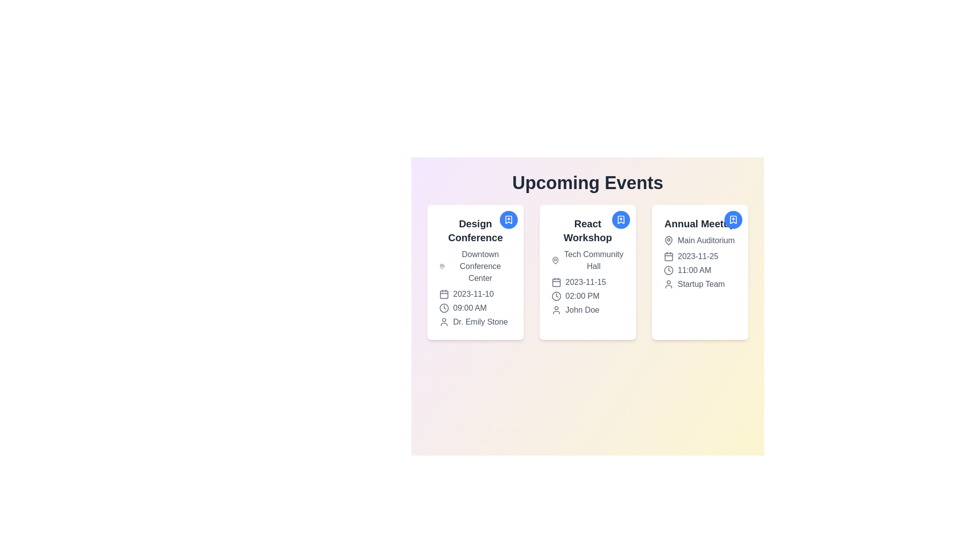 The height and width of the screenshot is (536, 954). Describe the element at coordinates (733, 219) in the screenshot. I see `the bookmark button located in the top-right corner of the third event card titled 'Annual Meetup'` at that location.